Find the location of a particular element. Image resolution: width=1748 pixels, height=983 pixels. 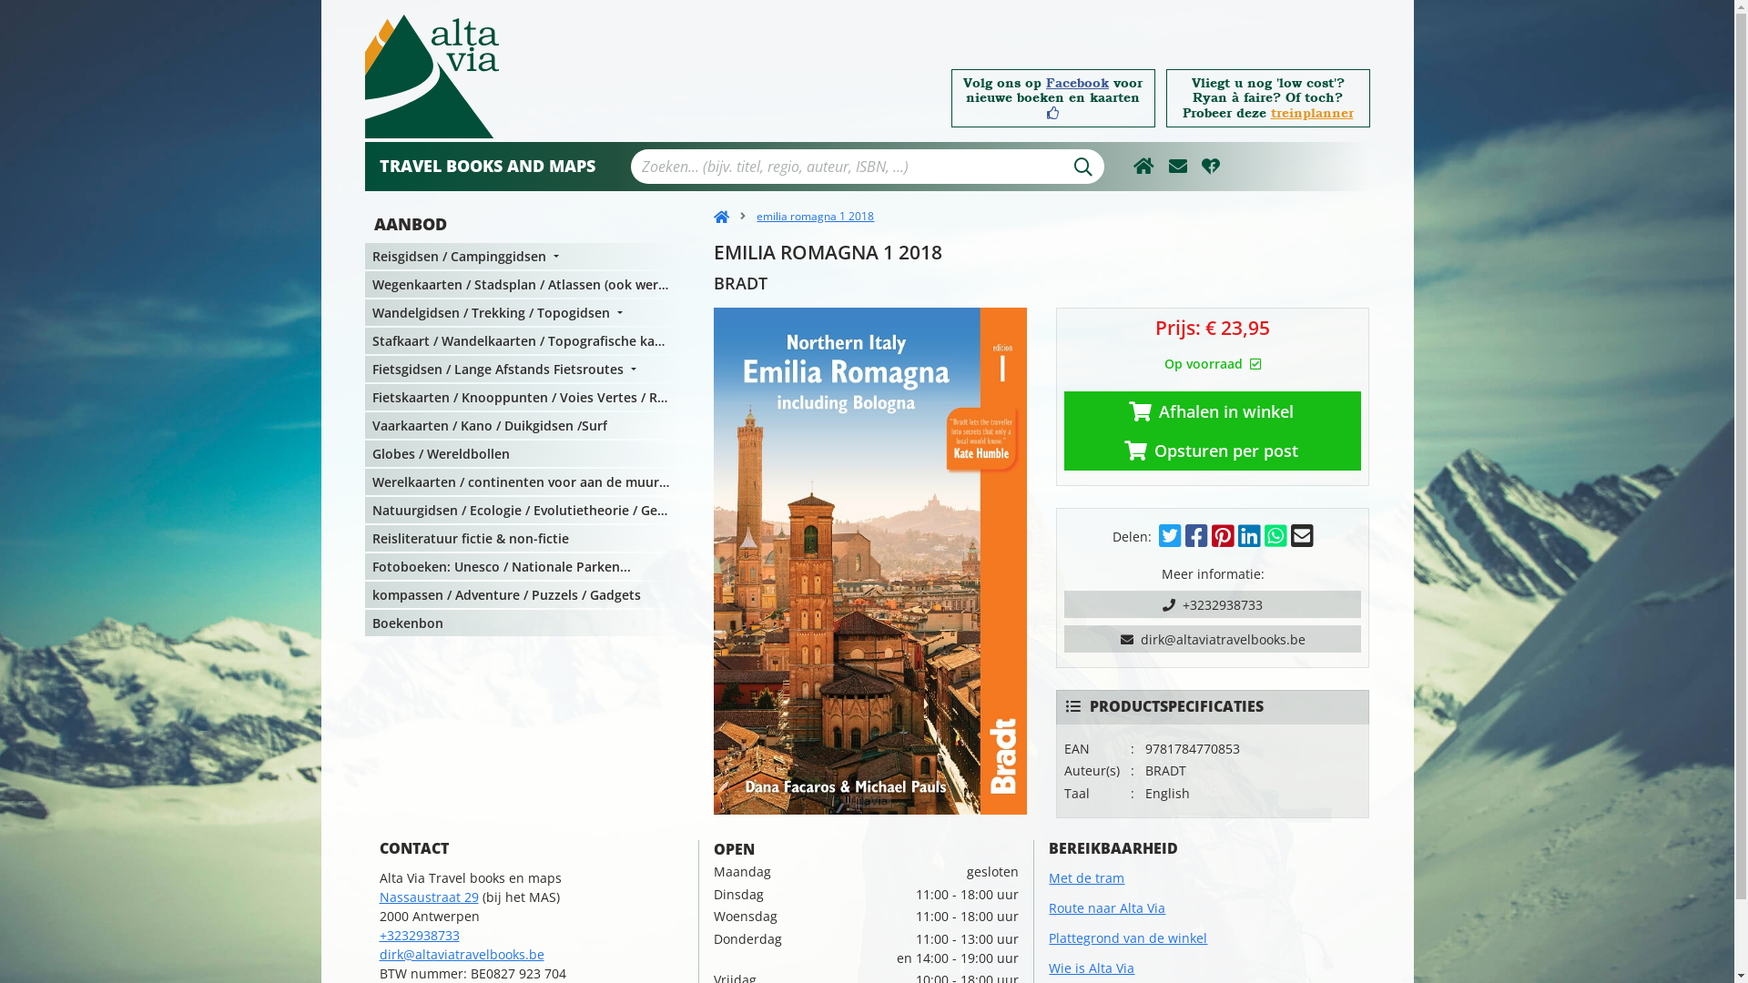

'Opsturen per post' is located at coordinates (1213, 450).